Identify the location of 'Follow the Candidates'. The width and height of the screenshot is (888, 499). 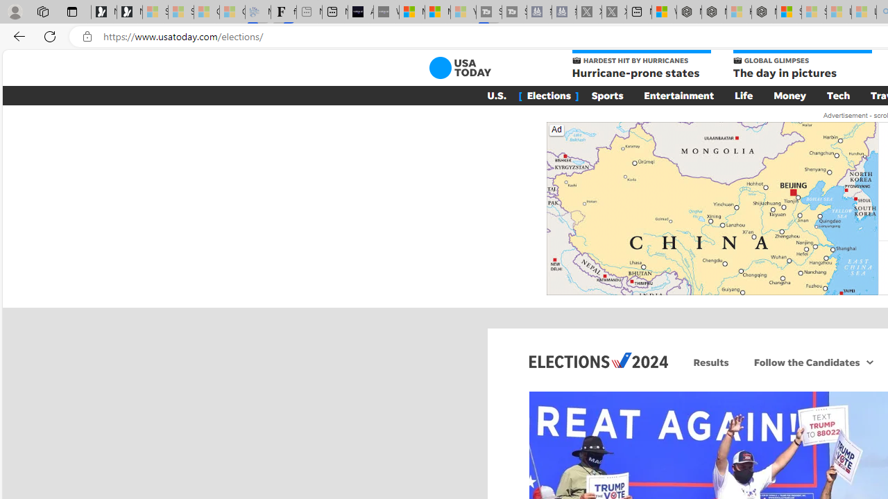
(805, 361).